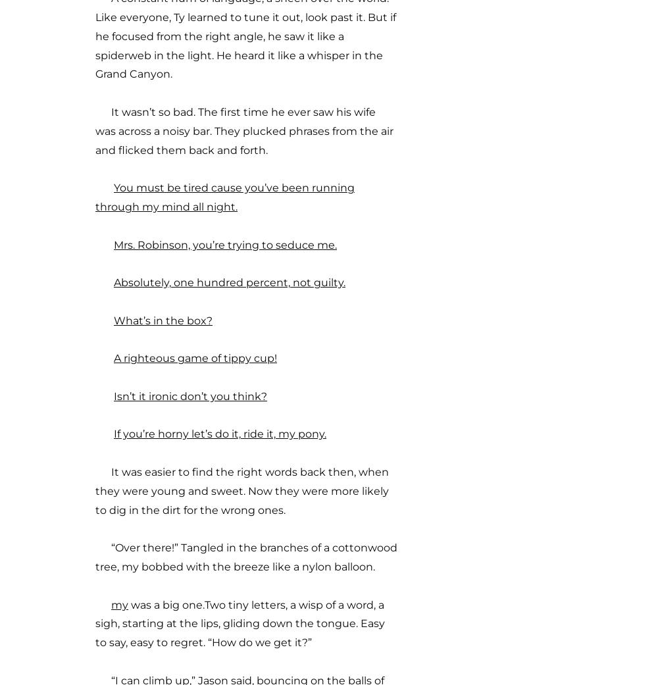 The height and width of the screenshot is (685, 658). I want to click on 'You must be tired cause you’ve been running through my mind all night.', so click(224, 196).